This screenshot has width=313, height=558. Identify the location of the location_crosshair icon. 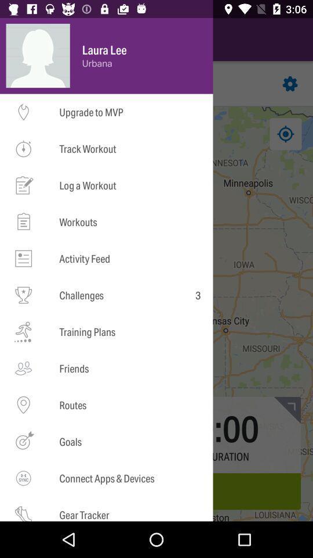
(27, 134).